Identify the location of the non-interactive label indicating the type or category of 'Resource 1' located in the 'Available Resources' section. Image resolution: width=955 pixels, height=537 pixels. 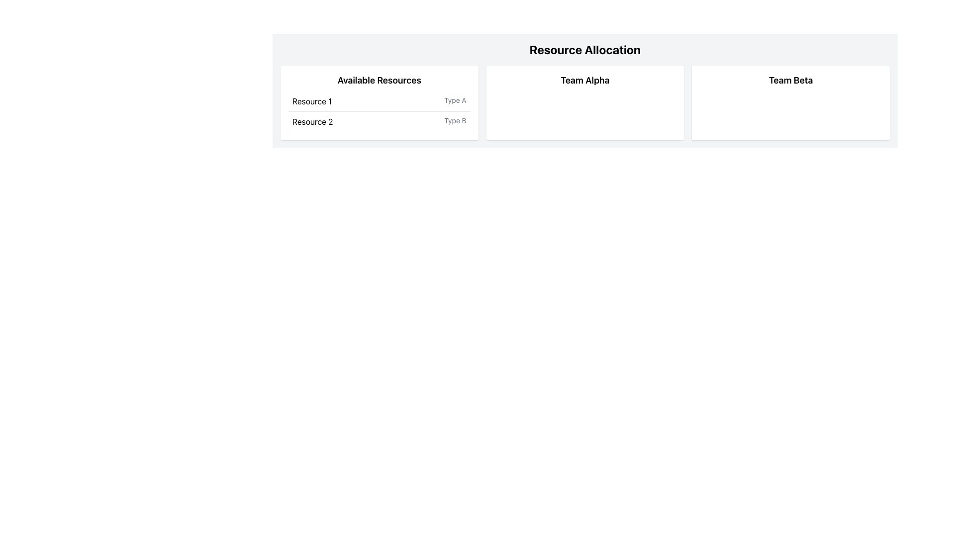
(455, 101).